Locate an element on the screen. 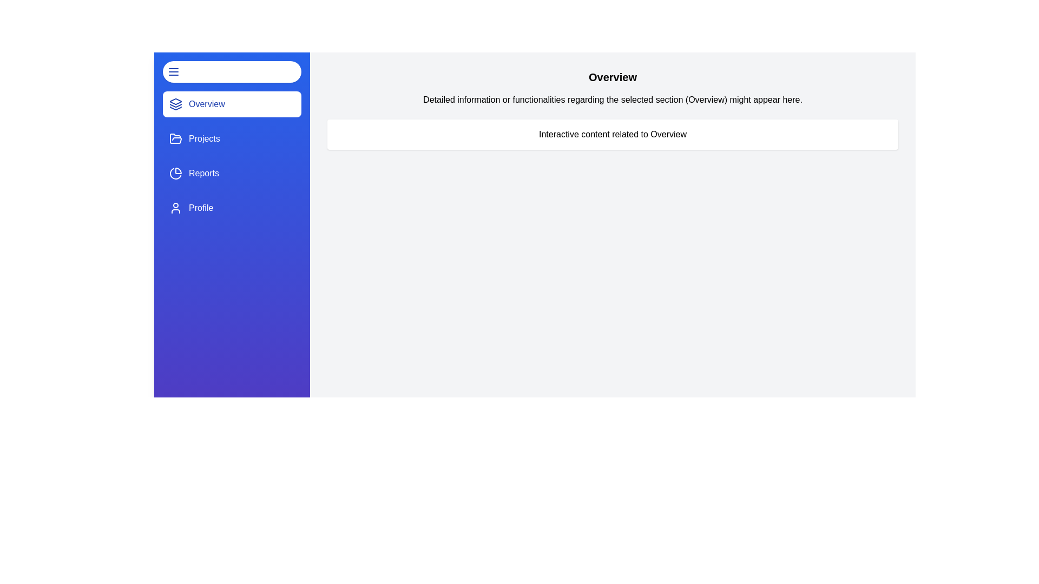 This screenshot has height=584, width=1039. the navigation section Reports is located at coordinates (231, 172).